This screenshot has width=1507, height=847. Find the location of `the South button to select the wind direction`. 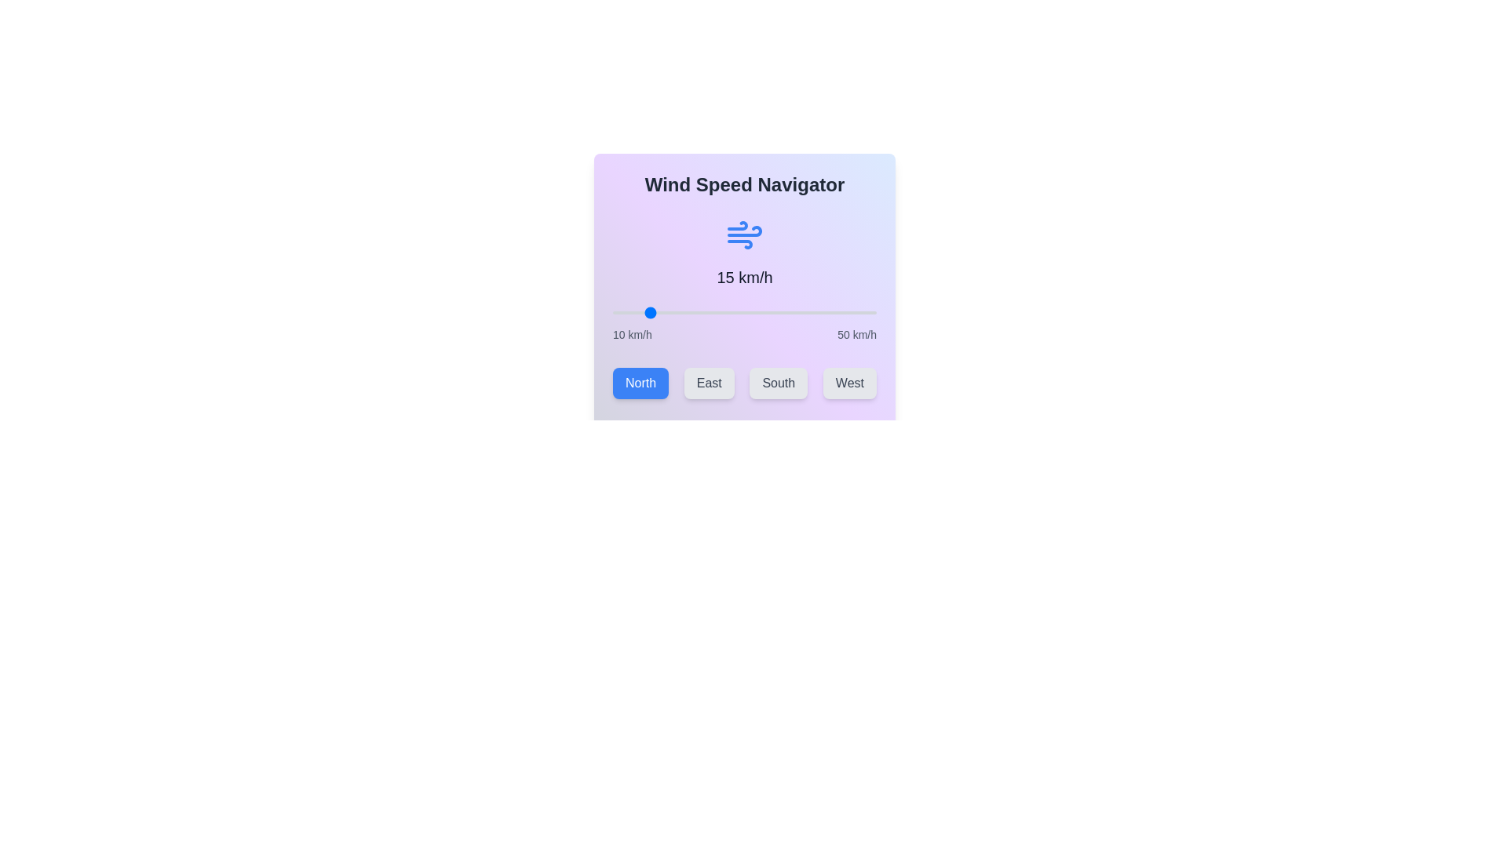

the South button to select the wind direction is located at coordinates (779, 384).